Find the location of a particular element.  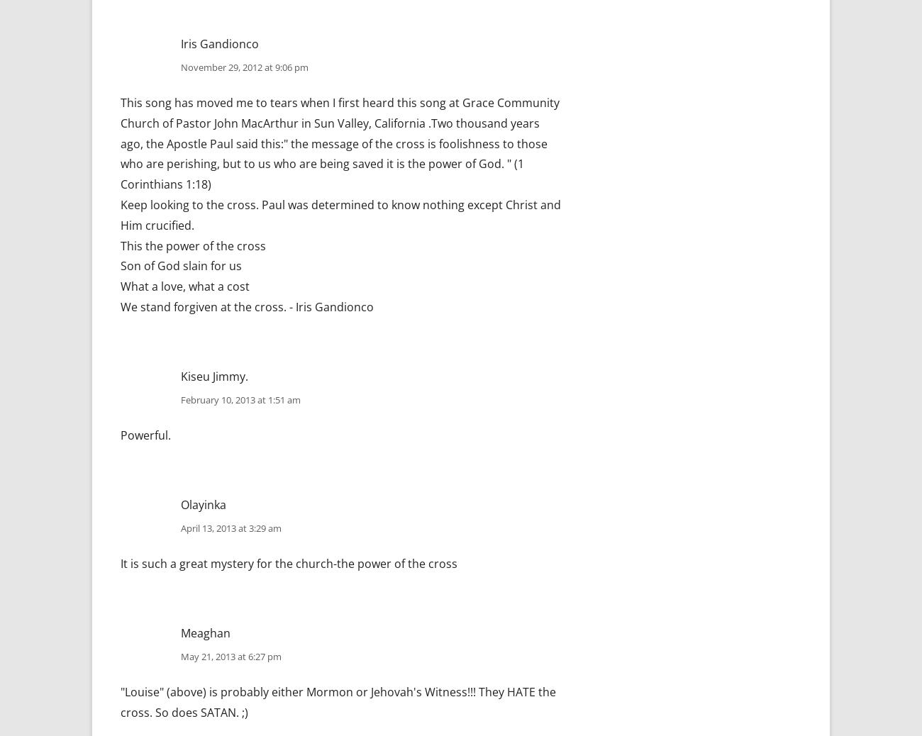

'Powerful.' is located at coordinates (145, 434).